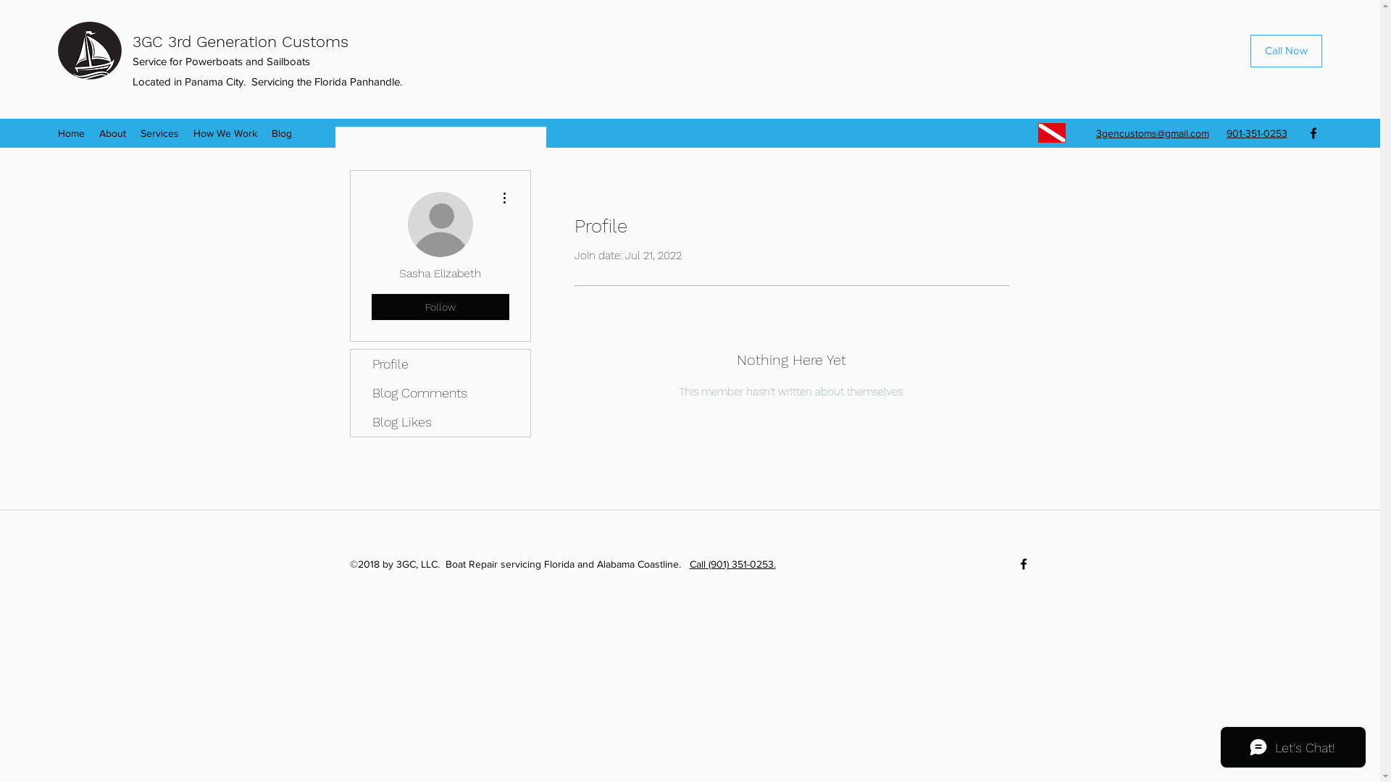 Image resolution: width=1391 pixels, height=782 pixels. What do you see at coordinates (281, 133) in the screenshot?
I see `'Blog'` at bounding box center [281, 133].